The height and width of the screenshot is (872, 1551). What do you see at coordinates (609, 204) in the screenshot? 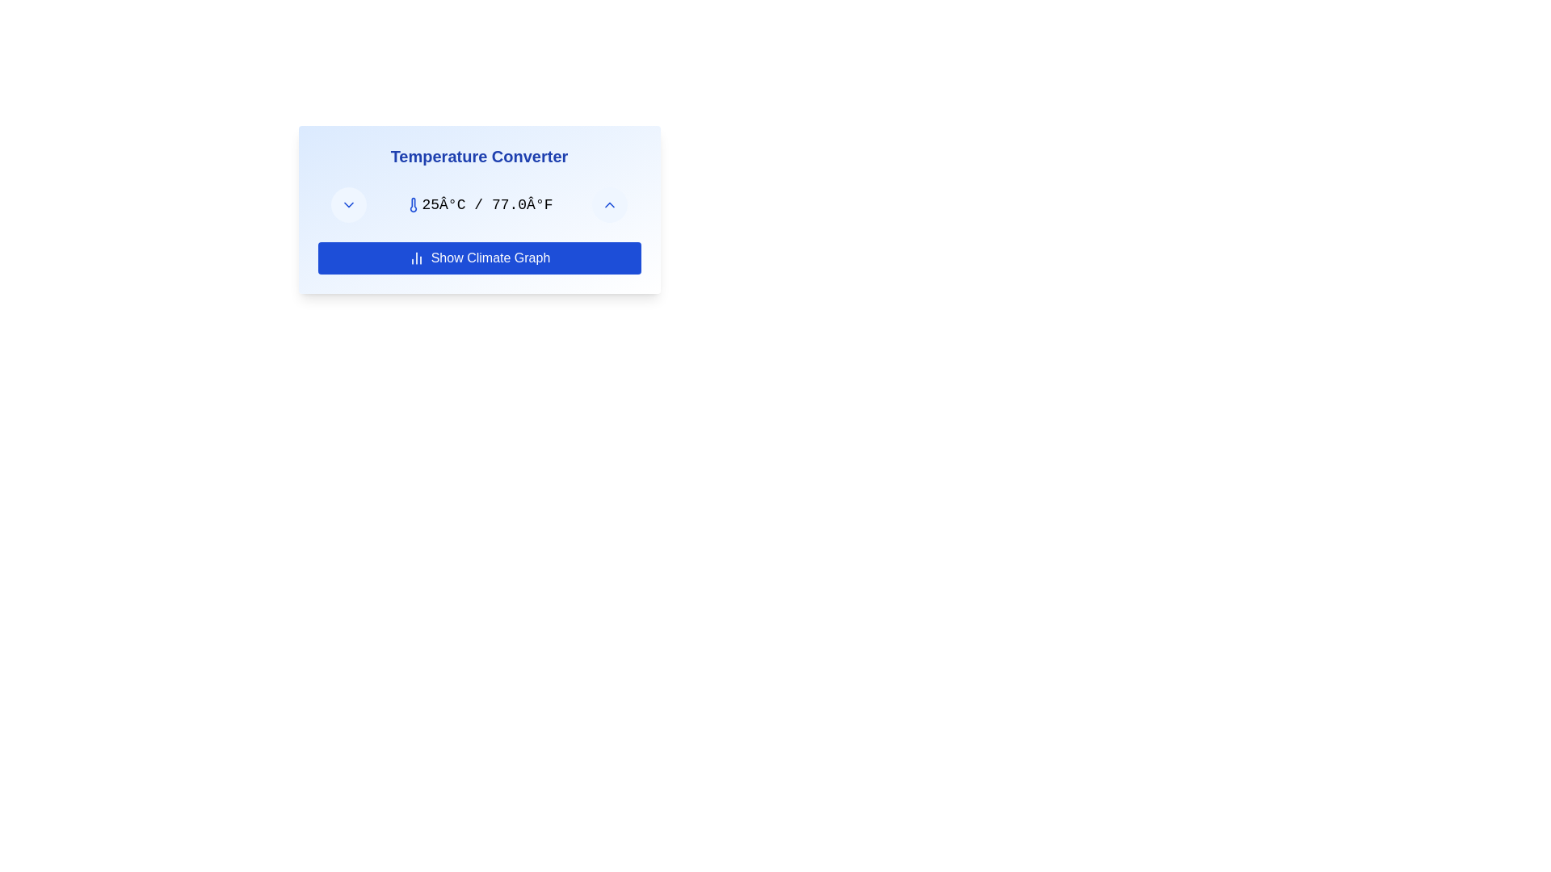
I see `the upward-pointing chevron icon button with a blue color and light blue circular background, located to the right of the temperature text in the Temperature Converter interface` at bounding box center [609, 204].